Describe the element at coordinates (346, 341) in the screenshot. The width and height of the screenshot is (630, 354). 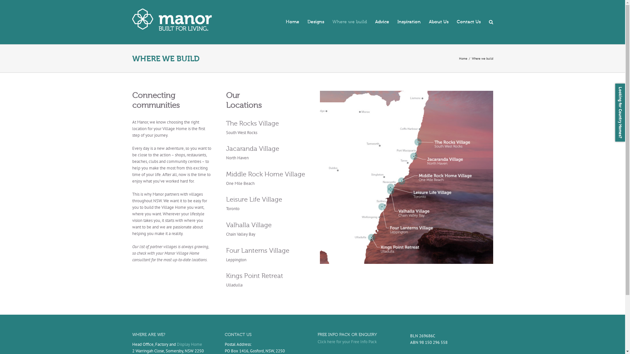
I see `'Click here for your Free Info Pack'` at that location.